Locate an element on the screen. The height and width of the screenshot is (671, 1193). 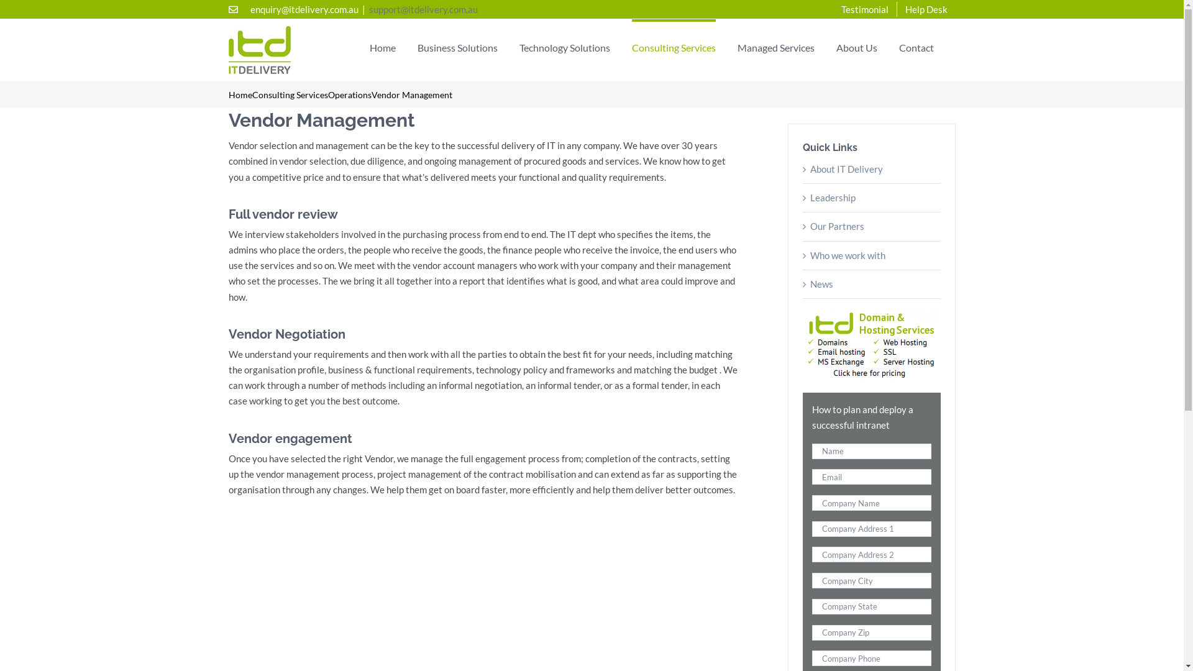
'Technology Solutions' is located at coordinates (519, 45).